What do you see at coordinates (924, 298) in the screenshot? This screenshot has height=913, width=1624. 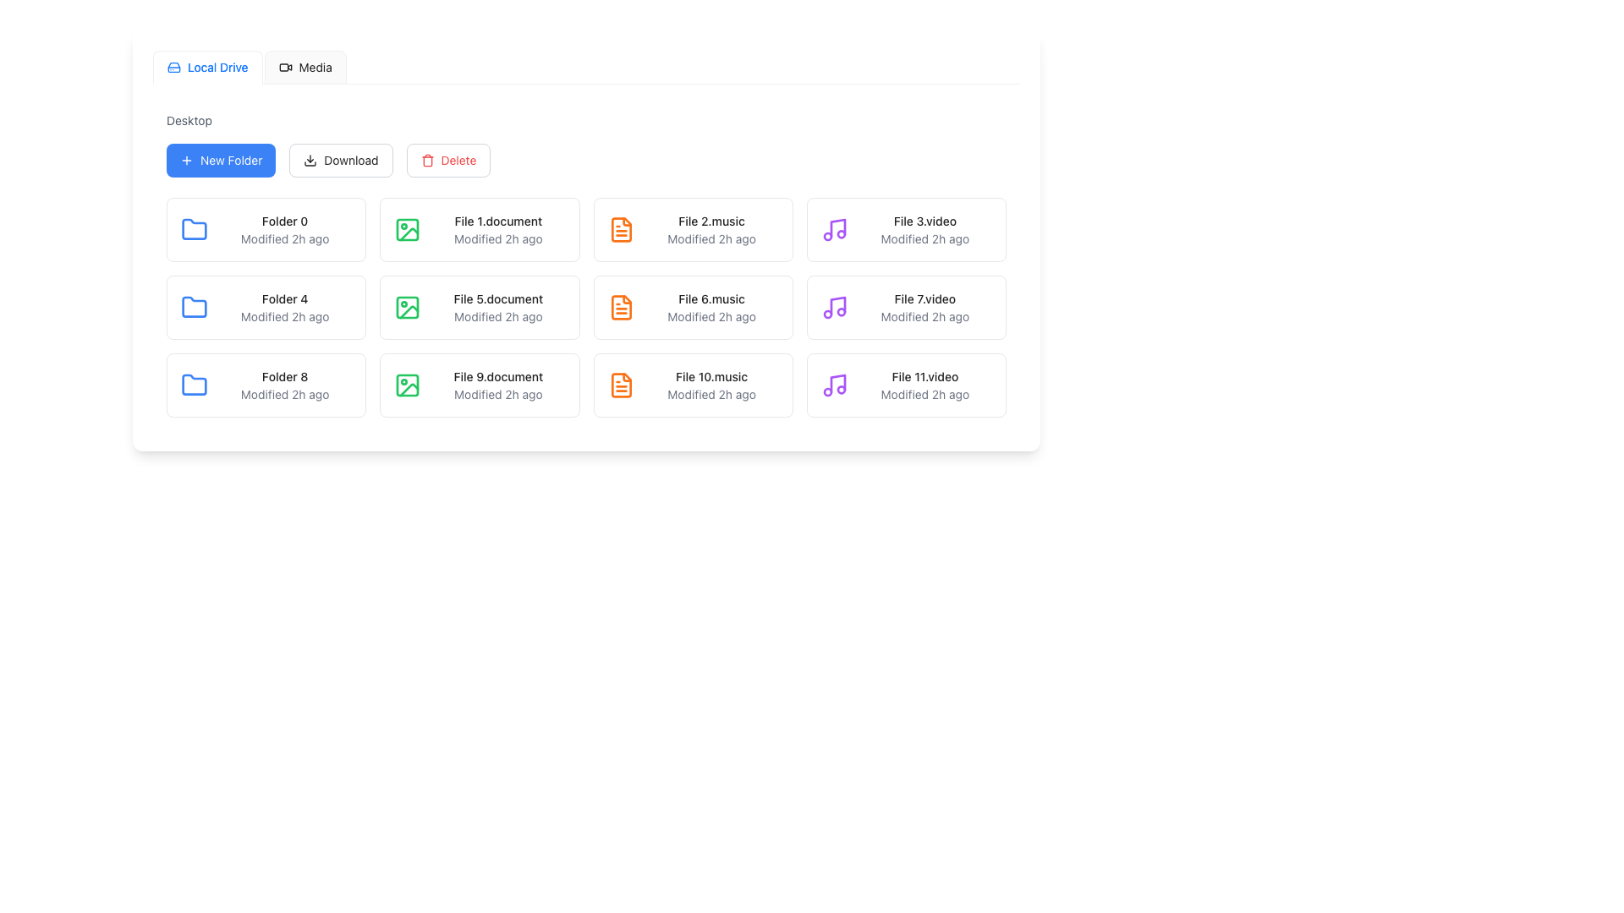 I see `the text label 'File 7.video'` at bounding box center [924, 298].